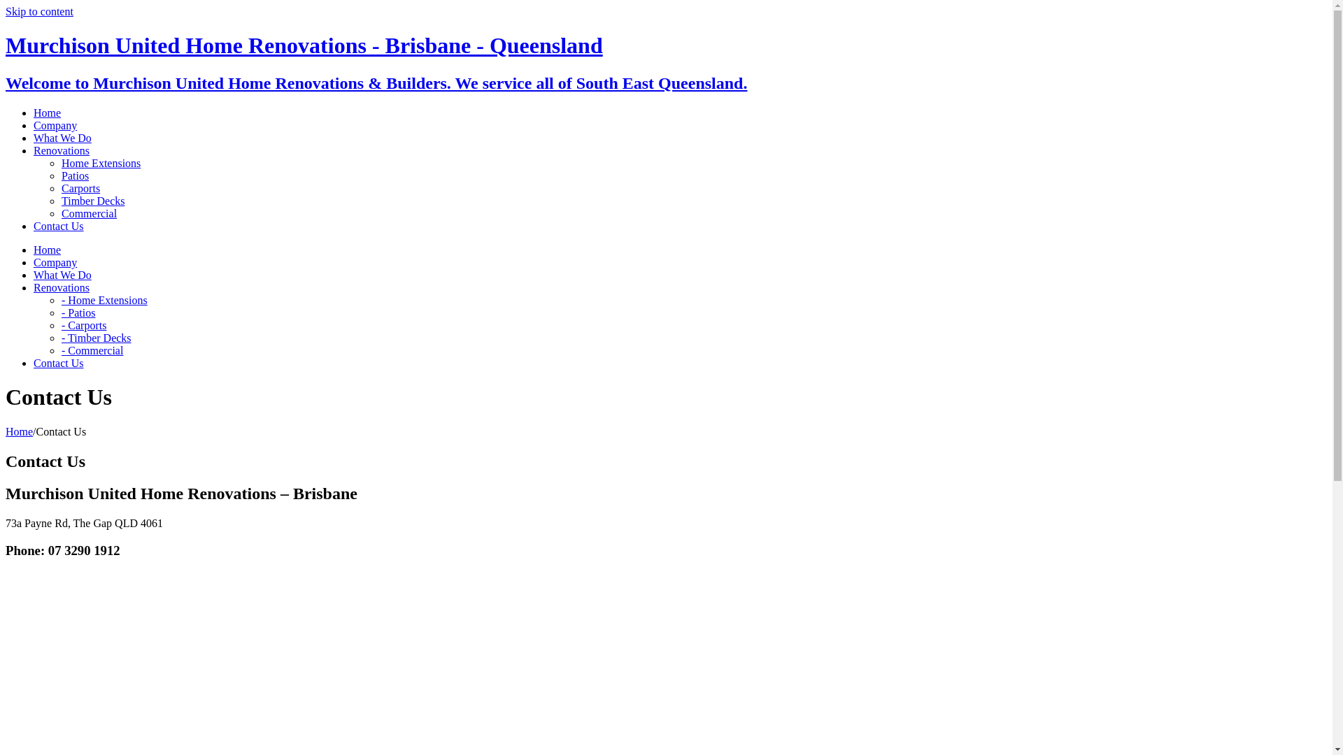 Image resolution: width=1343 pixels, height=755 pixels. I want to click on '- Patios', so click(77, 312).